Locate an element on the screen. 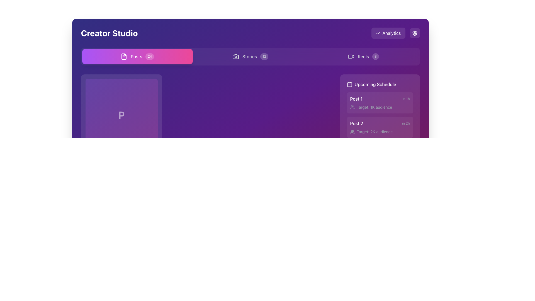  number '8' displayed on the small circular badge with a semi-transparent white background, positioned to the right of the text 'Reels' in the top navigation bar is located at coordinates (376, 57).